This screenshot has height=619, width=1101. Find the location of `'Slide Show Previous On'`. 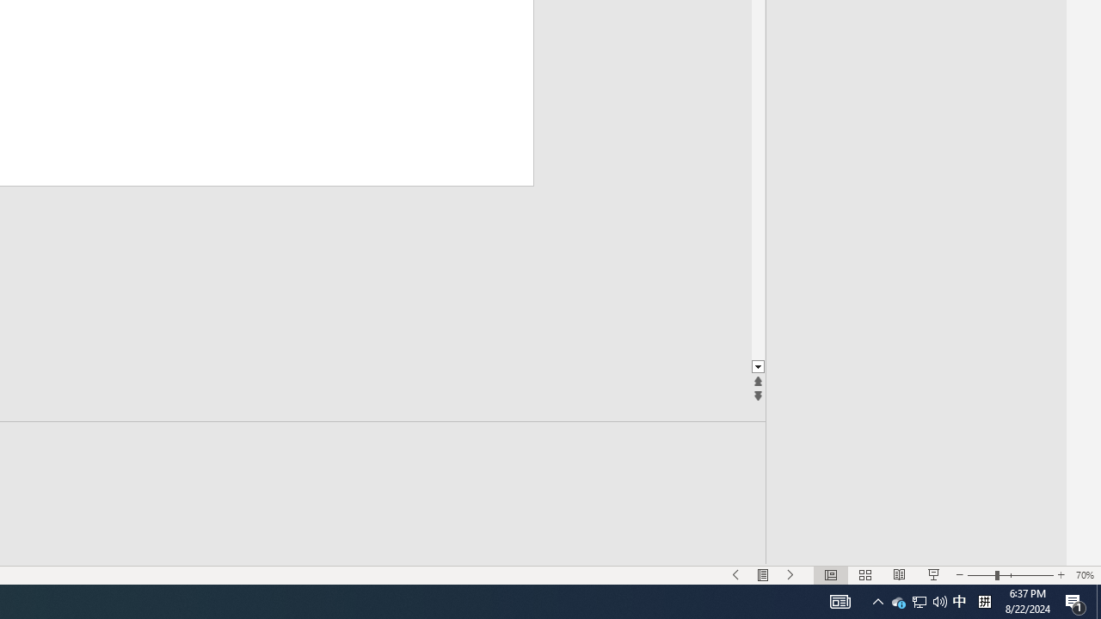

'Slide Show Previous On' is located at coordinates (735, 575).